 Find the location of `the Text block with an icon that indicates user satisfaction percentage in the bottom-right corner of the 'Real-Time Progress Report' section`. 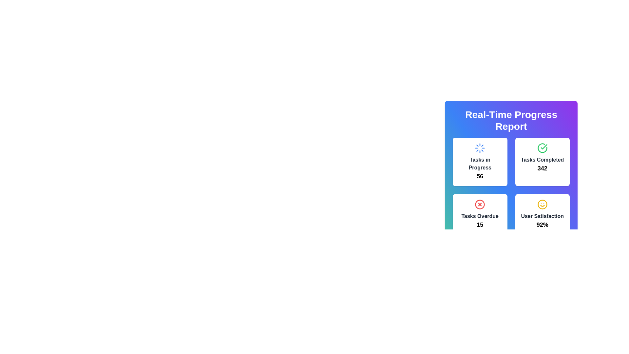

the Text block with an icon that indicates user satisfaction percentage in the bottom-right corner of the 'Real-Time Progress Report' section is located at coordinates (542, 214).